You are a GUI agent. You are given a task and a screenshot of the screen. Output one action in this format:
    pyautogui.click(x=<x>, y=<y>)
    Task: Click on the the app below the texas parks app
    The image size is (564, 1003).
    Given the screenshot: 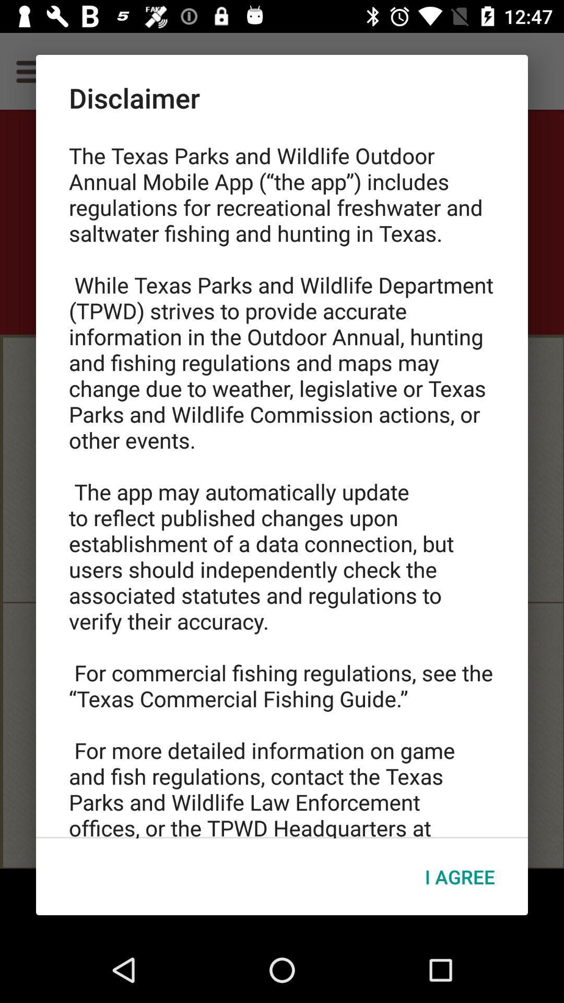 What is the action you would take?
    pyautogui.click(x=459, y=877)
    